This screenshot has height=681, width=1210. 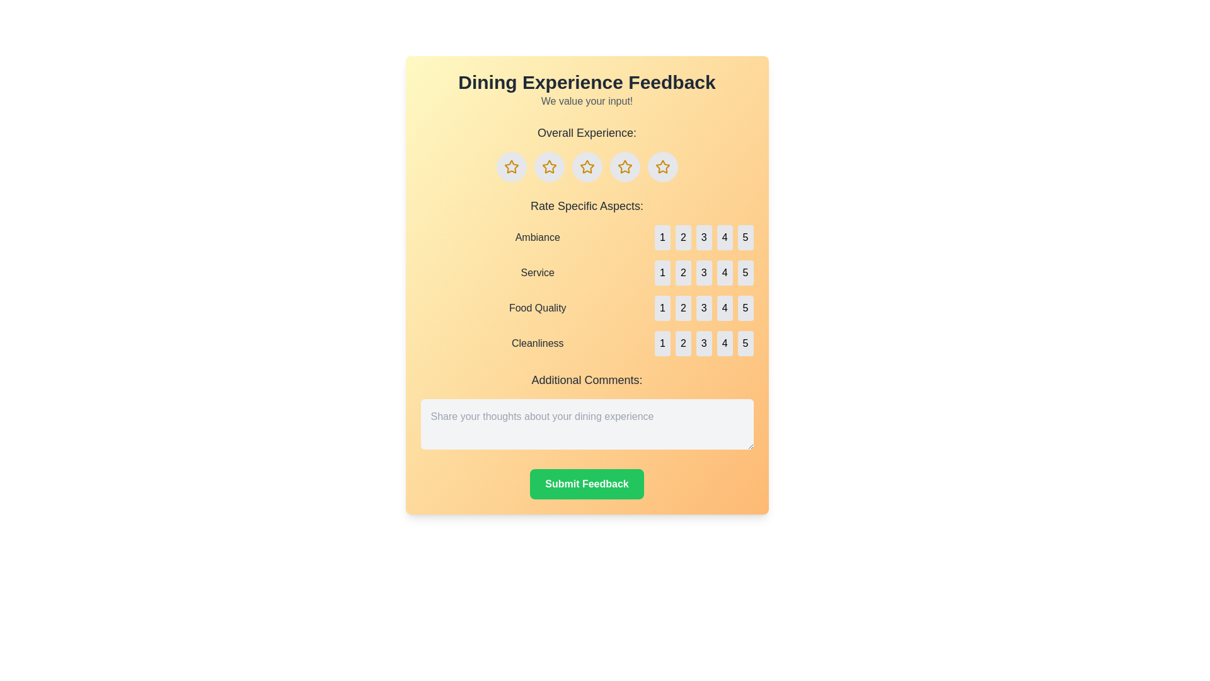 I want to click on the third button under the 'Ambiance' heading, so click(x=703, y=238).